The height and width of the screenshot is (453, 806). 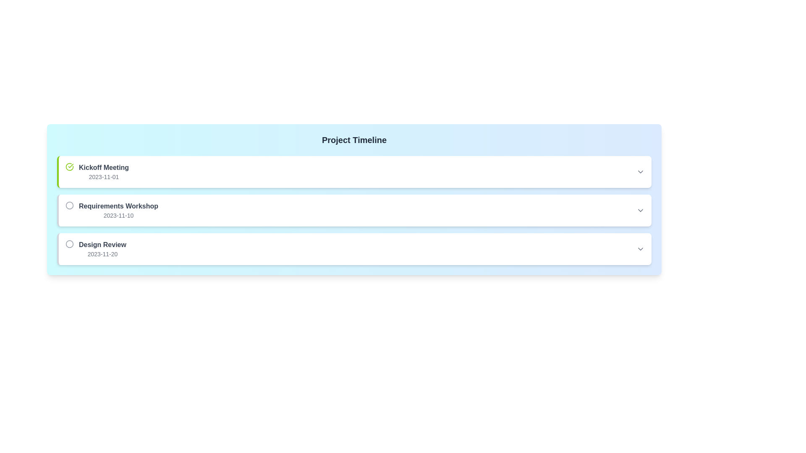 What do you see at coordinates (354, 249) in the screenshot?
I see `the 'Design Review' event list item` at bounding box center [354, 249].